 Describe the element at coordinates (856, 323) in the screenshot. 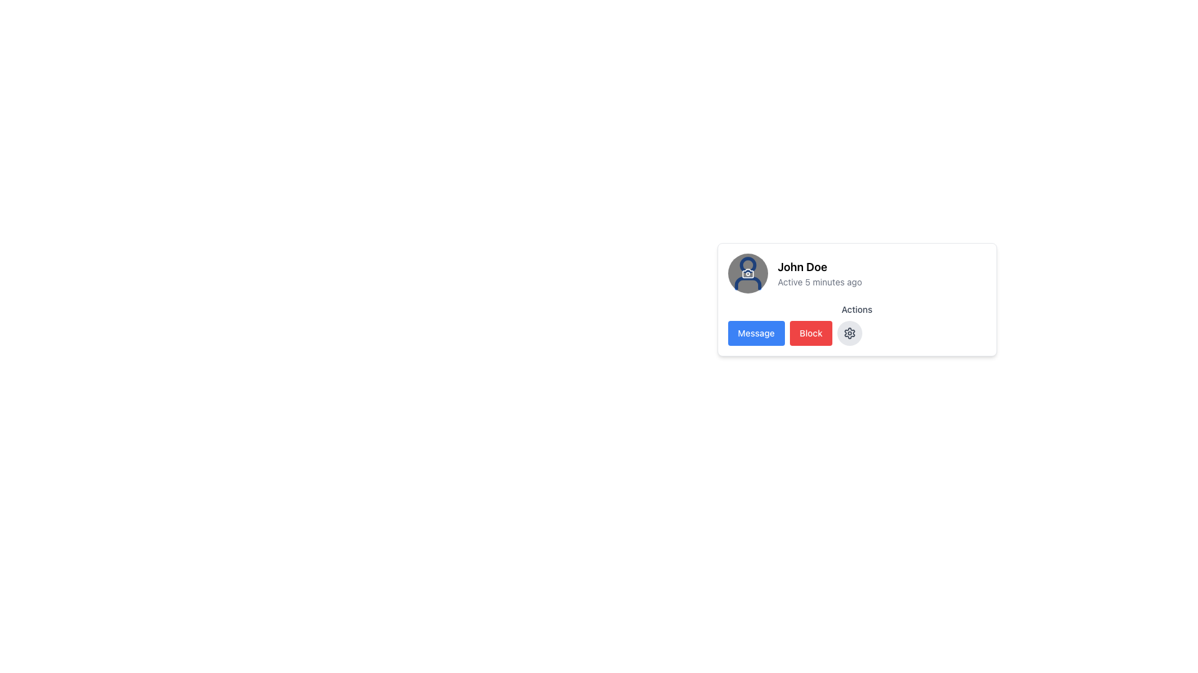

I see `the settings button located beneath the 'Actions' heading, positioned to the right of the blue 'Message' button and the red 'Block' button` at that location.